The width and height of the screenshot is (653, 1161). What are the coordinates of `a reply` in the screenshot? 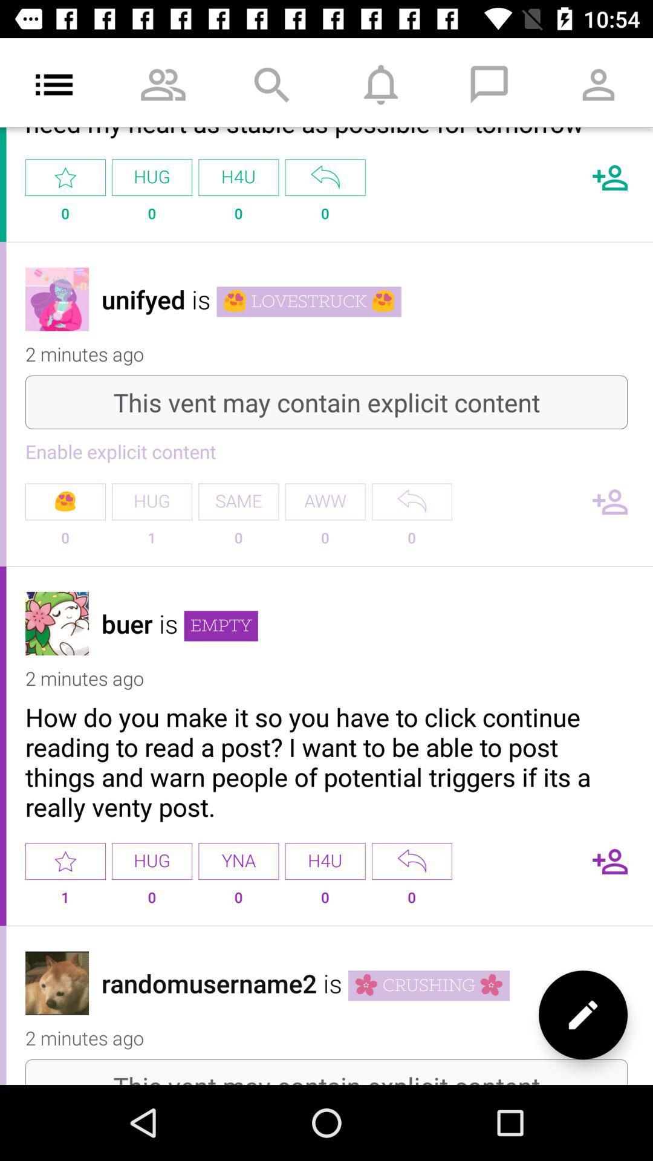 It's located at (411, 860).